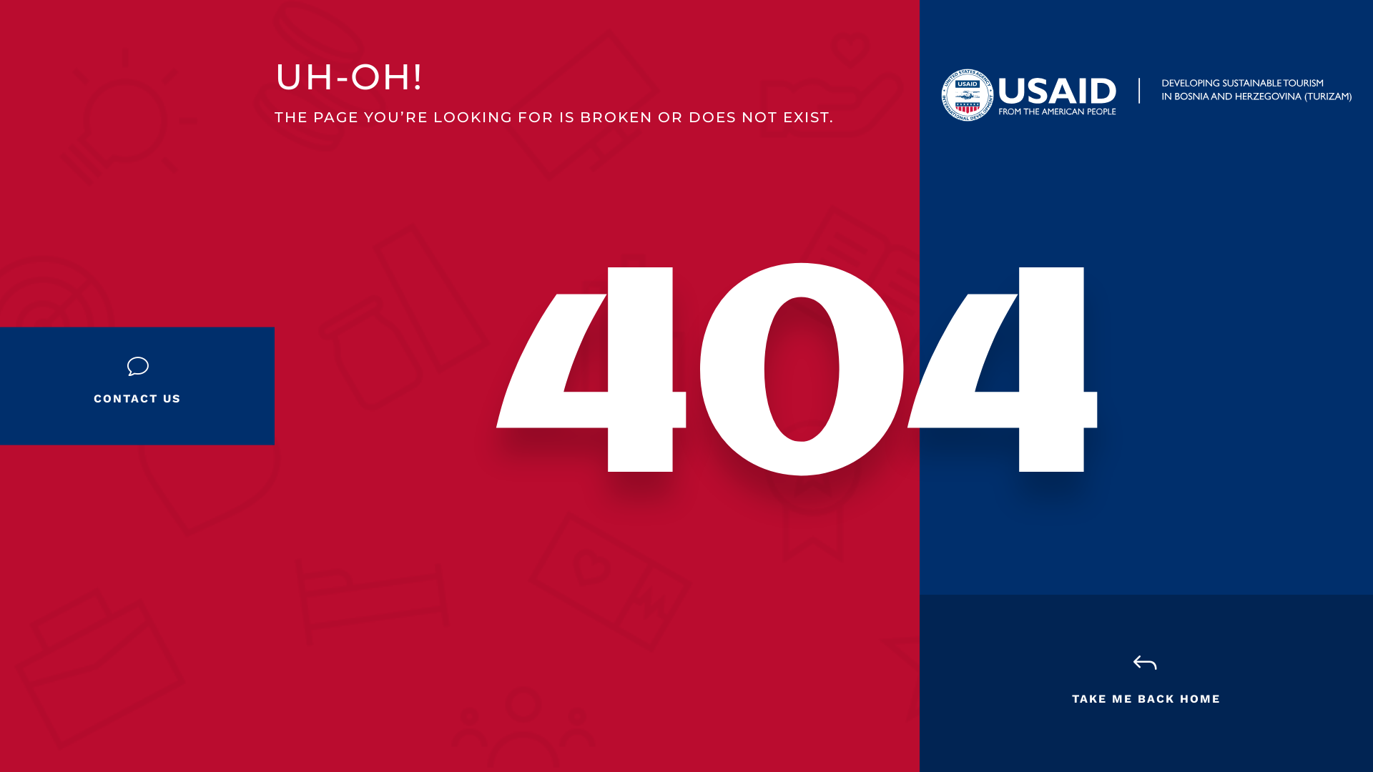 The width and height of the screenshot is (1373, 772). What do you see at coordinates (137, 398) in the screenshot?
I see `'CONTACT US'` at bounding box center [137, 398].